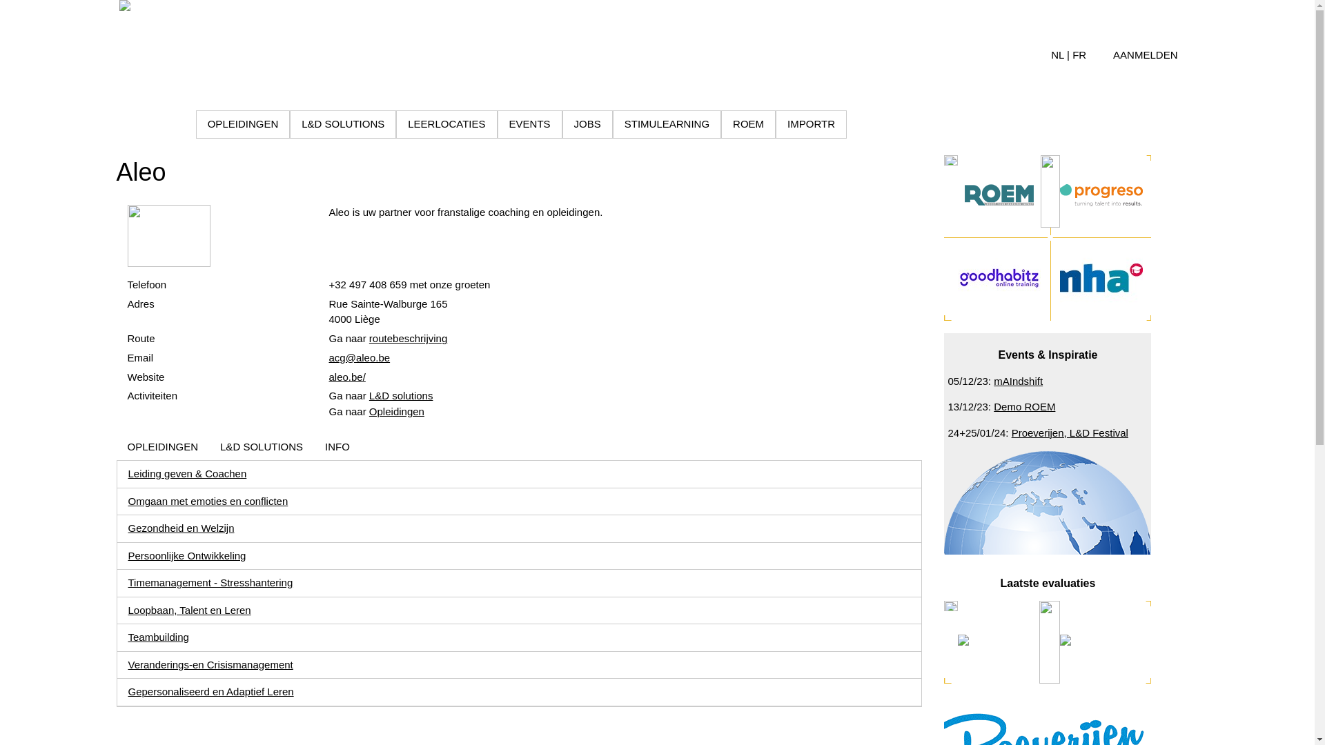 The height and width of the screenshot is (745, 1325). Describe the element at coordinates (369, 395) in the screenshot. I see `'L&D solutions'` at that location.